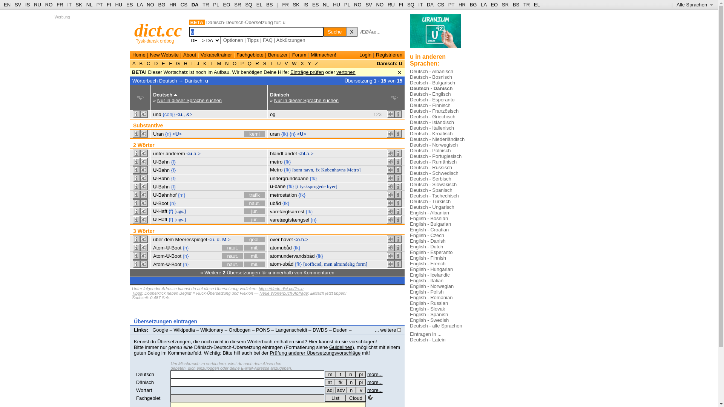 Image resolution: width=724 pixels, height=407 pixels. I want to click on 'Ordbogen', so click(239, 329).